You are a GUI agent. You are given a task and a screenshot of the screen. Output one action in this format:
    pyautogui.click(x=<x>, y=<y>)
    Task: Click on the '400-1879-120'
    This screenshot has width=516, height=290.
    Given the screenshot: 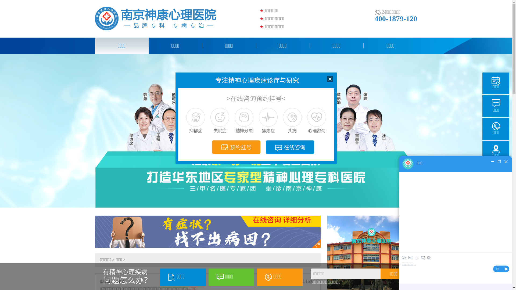 What is the action you would take?
    pyautogui.click(x=374, y=18)
    